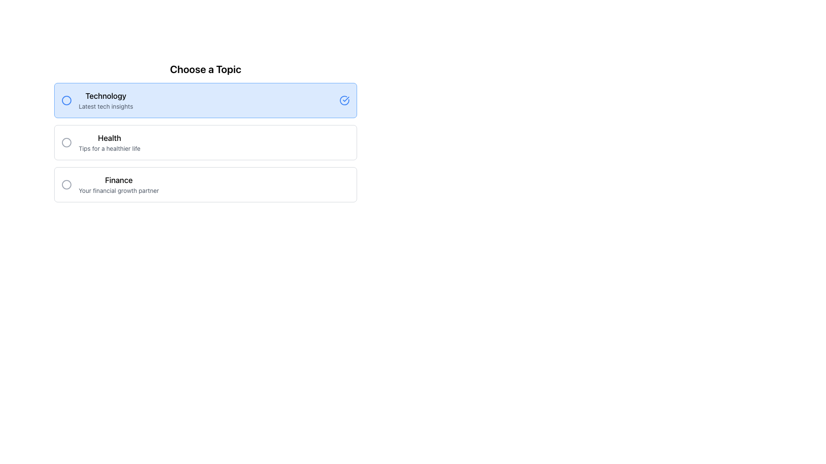 The width and height of the screenshot is (826, 464). What do you see at coordinates (66, 184) in the screenshot?
I see `the circular SVG graphic representing an unselected radio button located to the left of the 'Finance' option in the selection menu, which is the third option under the 'Choose a Topic' group` at bounding box center [66, 184].